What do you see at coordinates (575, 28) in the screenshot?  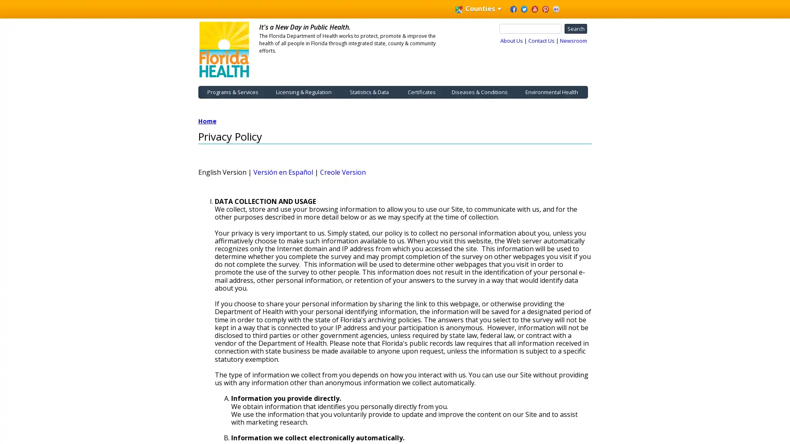 I see `Search` at bounding box center [575, 28].